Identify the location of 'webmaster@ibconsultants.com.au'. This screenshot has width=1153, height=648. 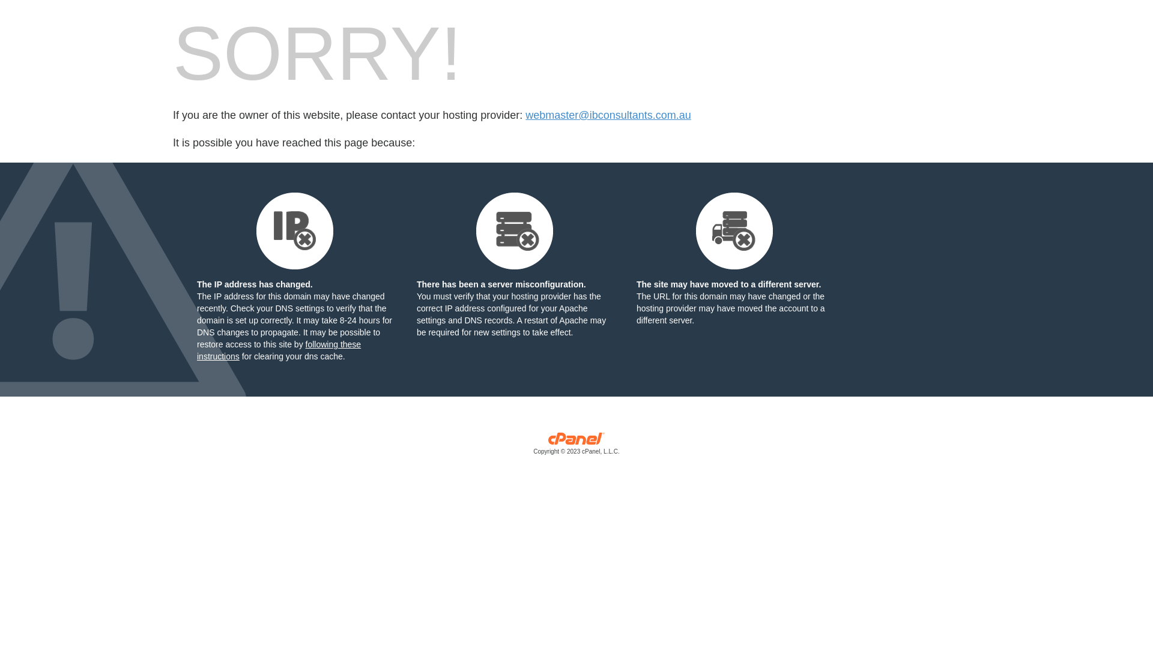
(525, 115).